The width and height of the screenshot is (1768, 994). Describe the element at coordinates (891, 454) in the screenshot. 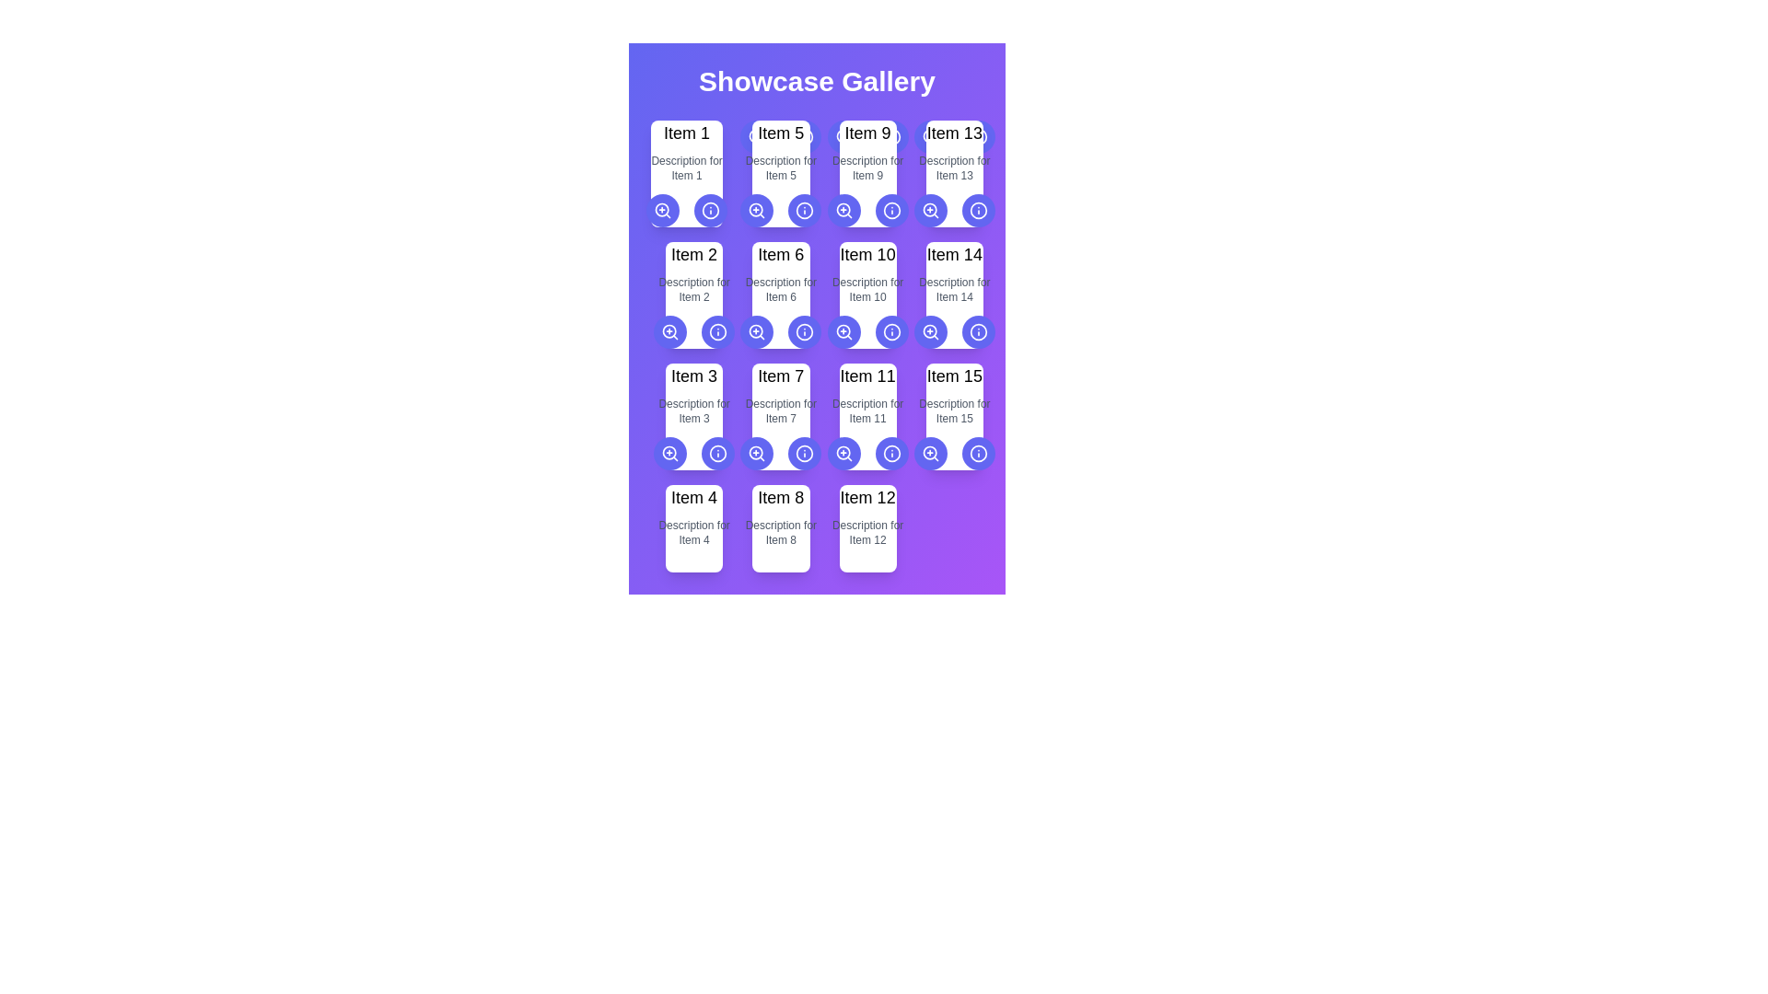

I see `the information icon button located in the bottom right corner of the 'Item 11' card in the 'Showcase Gallery', which is represented by a circular light indigo icon with a thin border and a smaller dot` at that location.